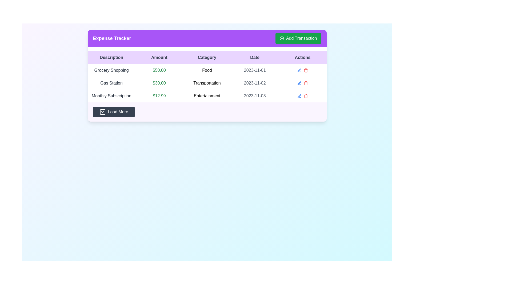  I want to click on the icon indicating the action to add a new item or transaction, located on the left side of the 'Add Transaction' button in the header section, so click(281, 38).